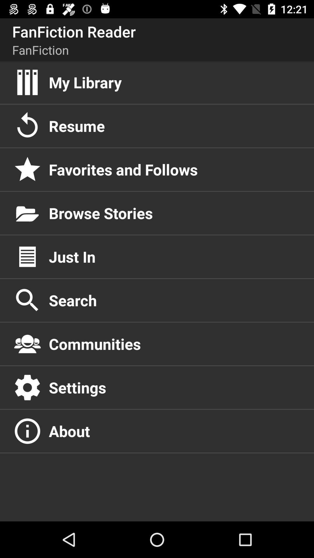 The height and width of the screenshot is (558, 314). I want to click on the browse stories item, so click(175, 213).